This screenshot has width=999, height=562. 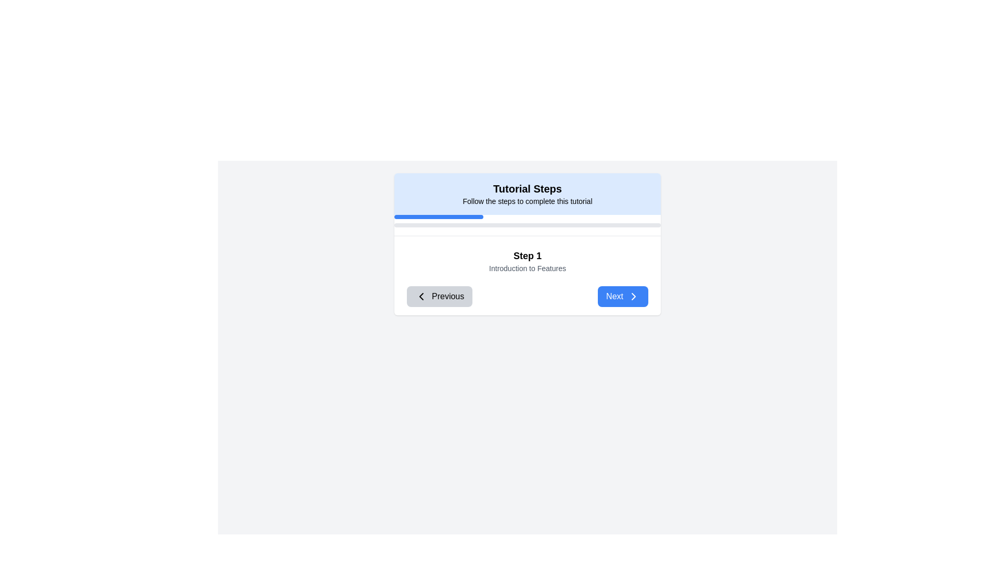 I want to click on the Section Header element with a light blue background that contains the text 'Tutorial Steps' and 'Follow the steps to complete this tutorial', so click(x=527, y=194).